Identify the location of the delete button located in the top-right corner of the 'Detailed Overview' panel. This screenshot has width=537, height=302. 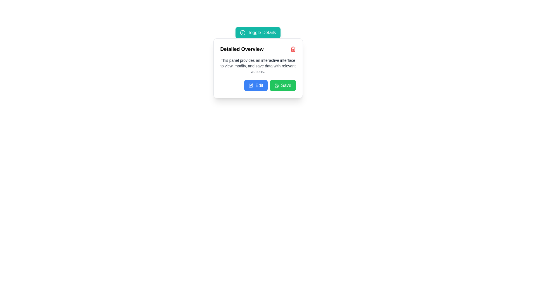
(293, 49).